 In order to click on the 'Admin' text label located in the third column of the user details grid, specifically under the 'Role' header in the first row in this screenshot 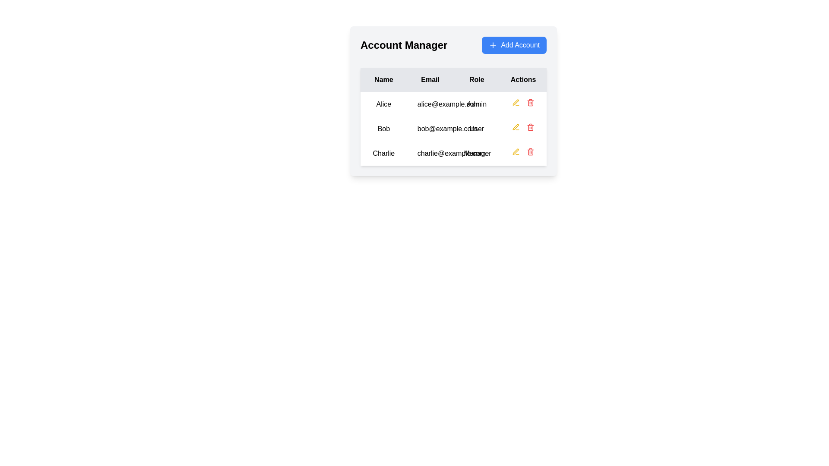, I will do `click(476, 104)`.